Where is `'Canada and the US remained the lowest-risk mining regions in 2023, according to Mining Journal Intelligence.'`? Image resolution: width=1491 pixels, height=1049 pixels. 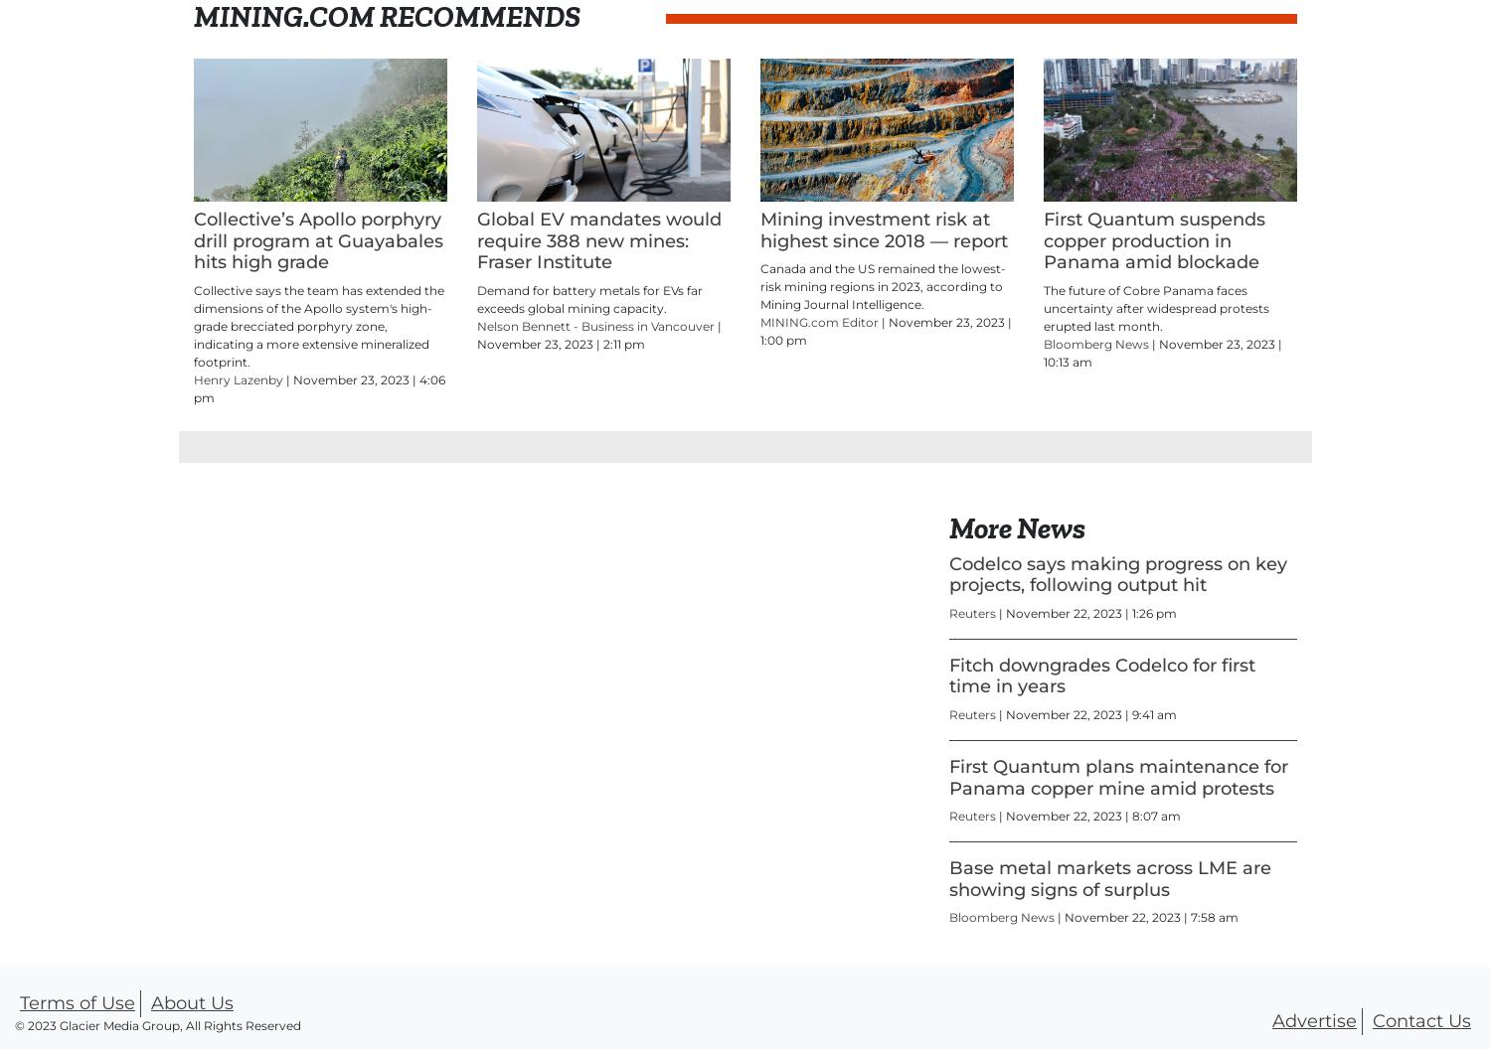
'Canada and the US remained the lowest-risk mining regions in 2023, according to Mining Journal Intelligence.' is located at coordinates (883, 286).